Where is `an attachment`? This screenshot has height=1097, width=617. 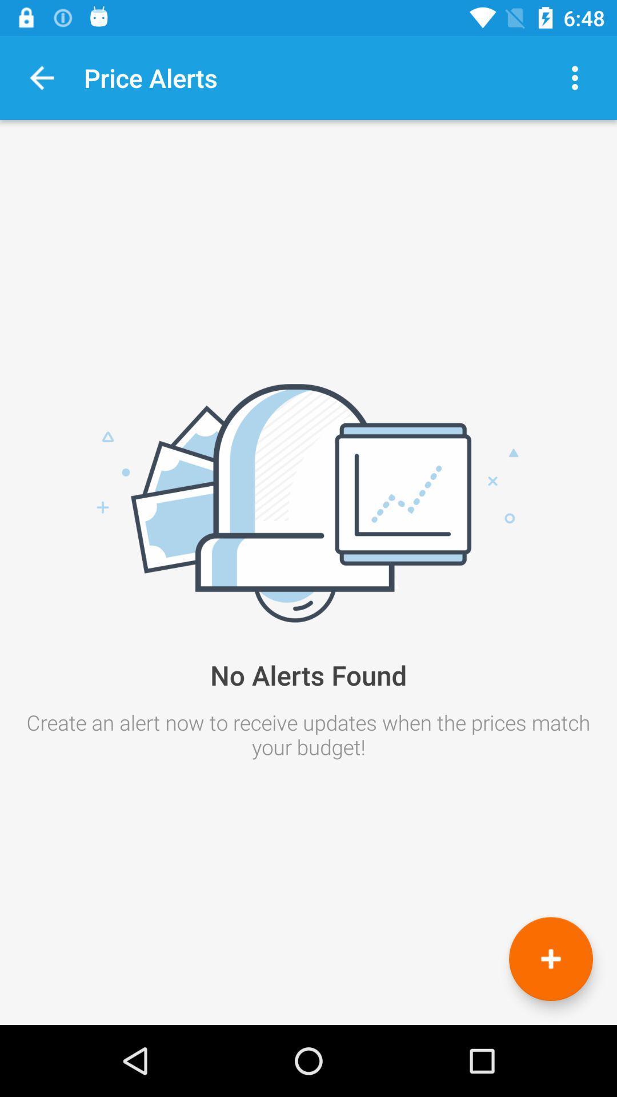 an attachment is located at coordinates (550, 959).